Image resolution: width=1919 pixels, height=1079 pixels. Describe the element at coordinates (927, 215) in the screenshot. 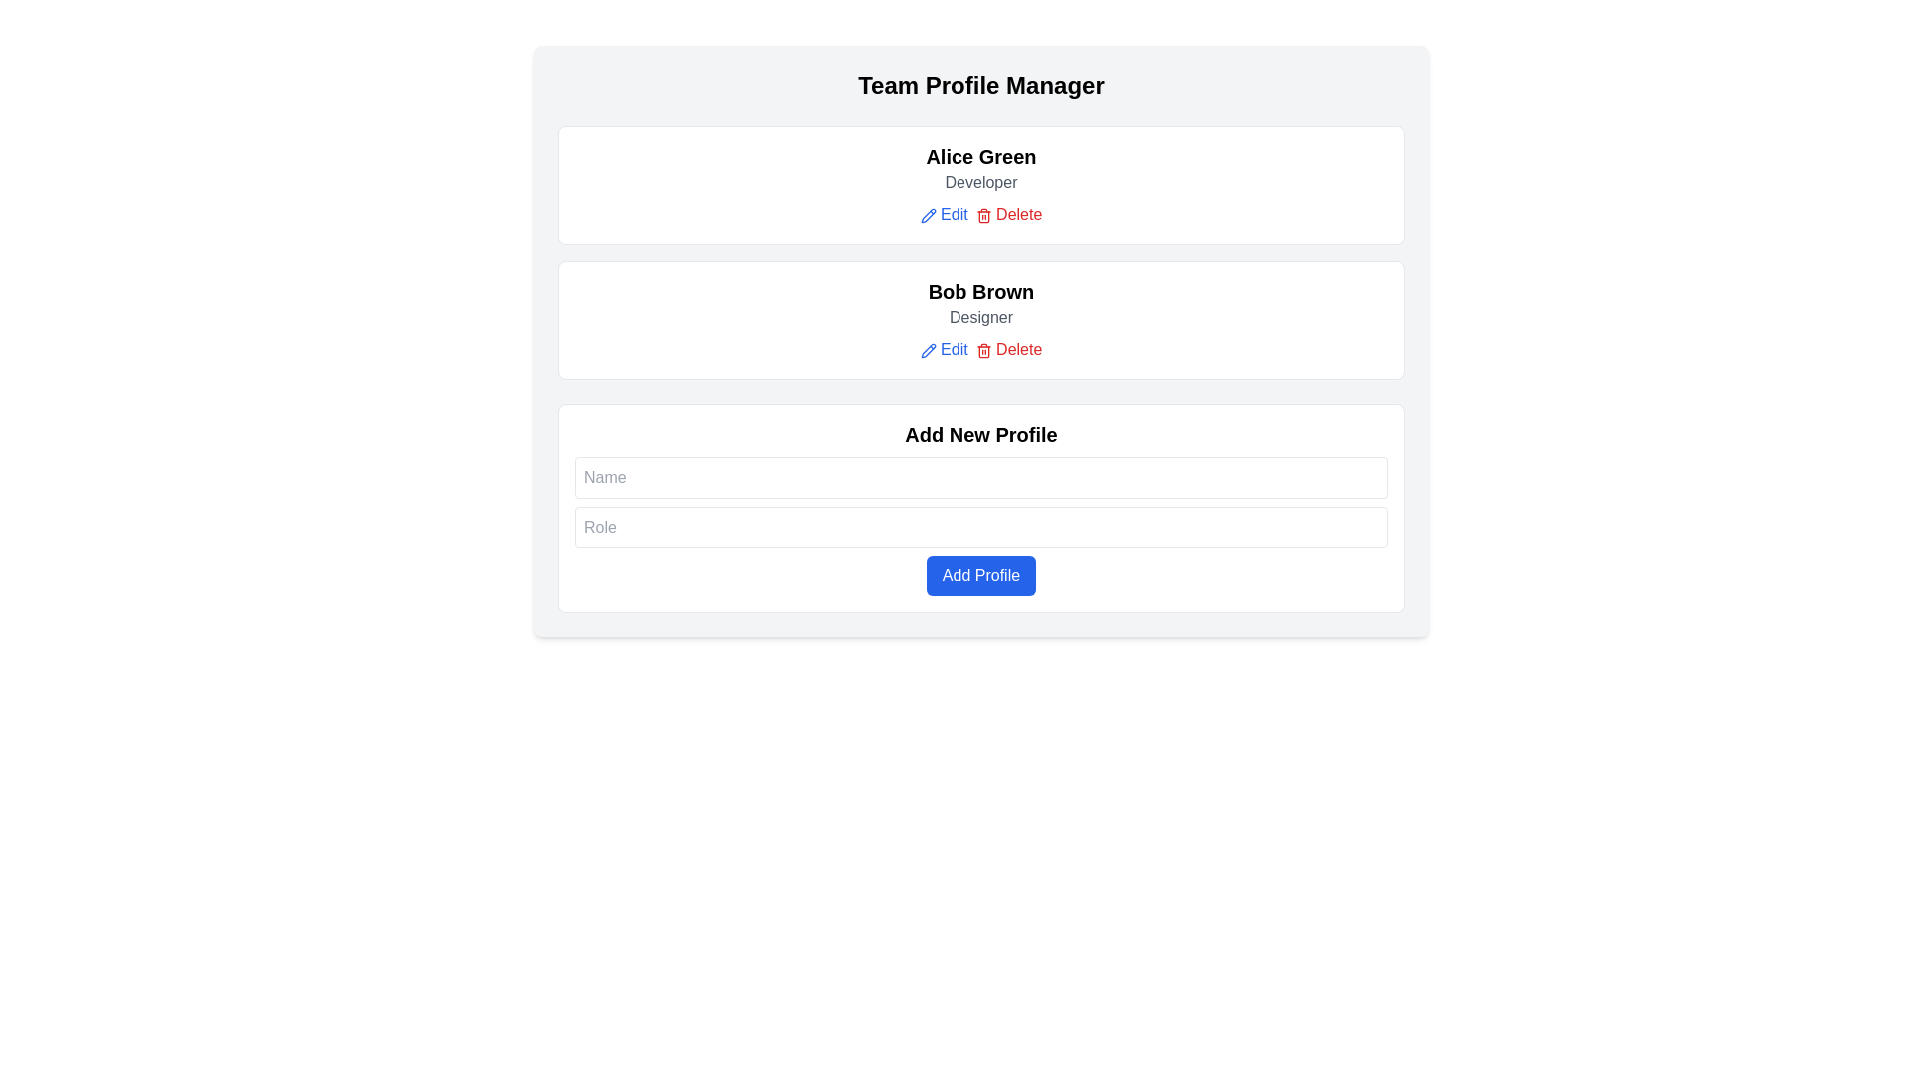

I see `the 'Edit' icon located in the upper profile section next to the name 'Alice Green'` at that location.